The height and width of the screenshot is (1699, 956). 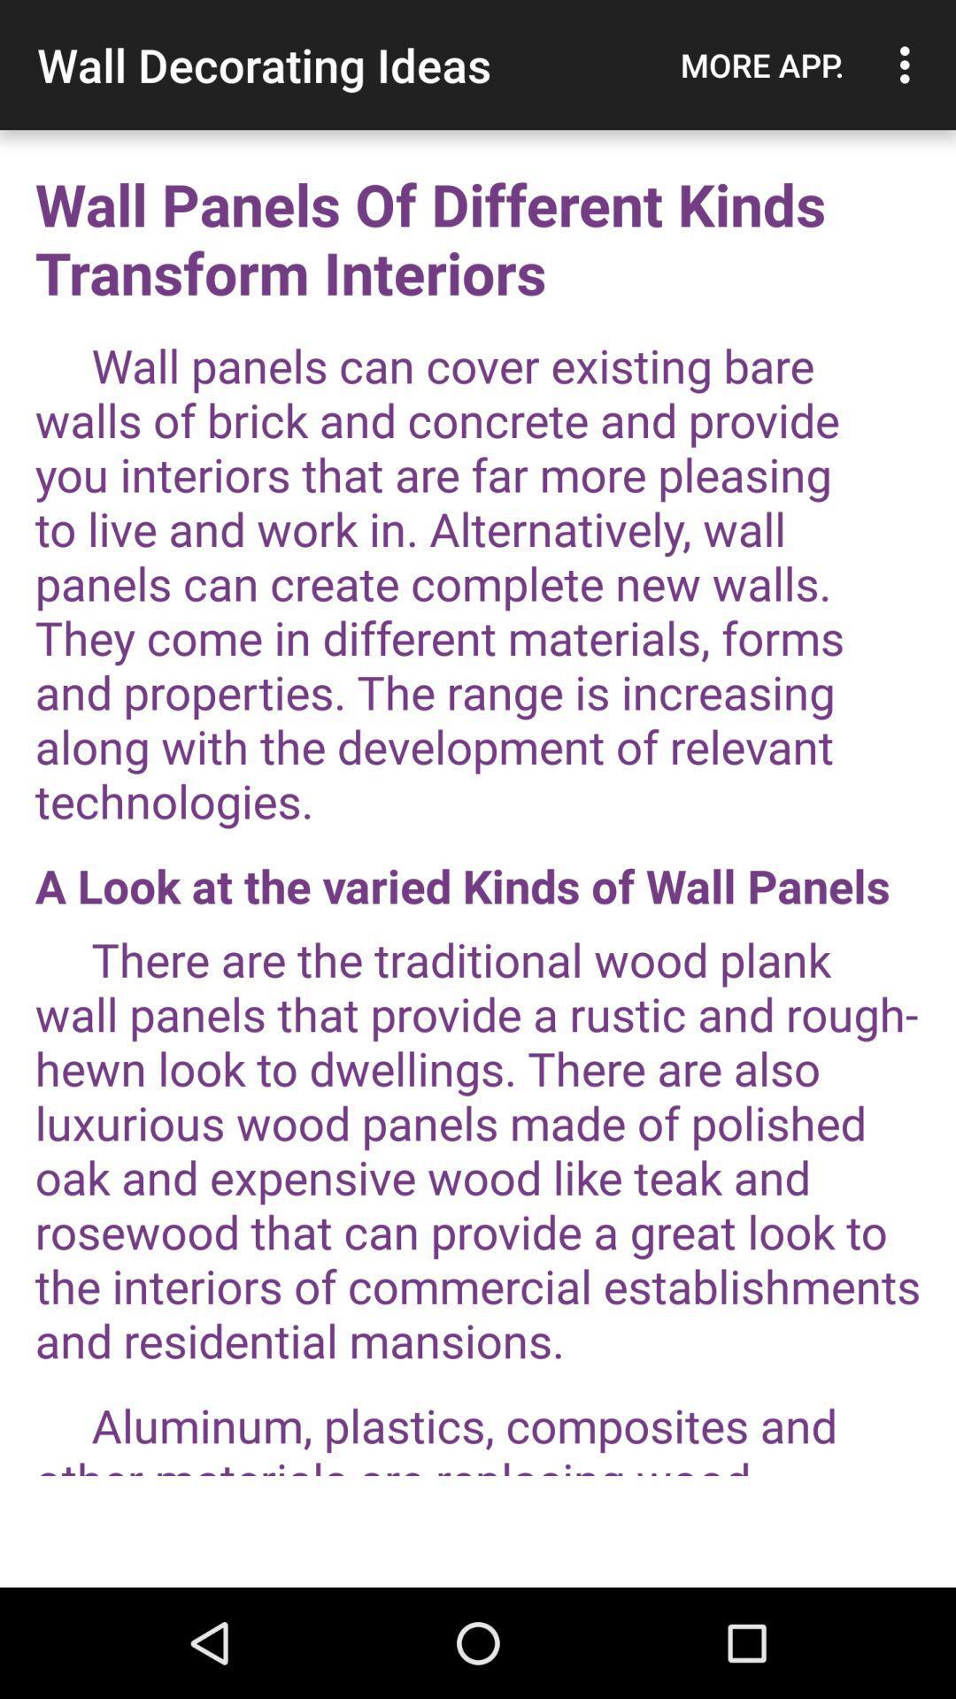 I want to click on the item next to more app. icon, so click(x=909, y=65).